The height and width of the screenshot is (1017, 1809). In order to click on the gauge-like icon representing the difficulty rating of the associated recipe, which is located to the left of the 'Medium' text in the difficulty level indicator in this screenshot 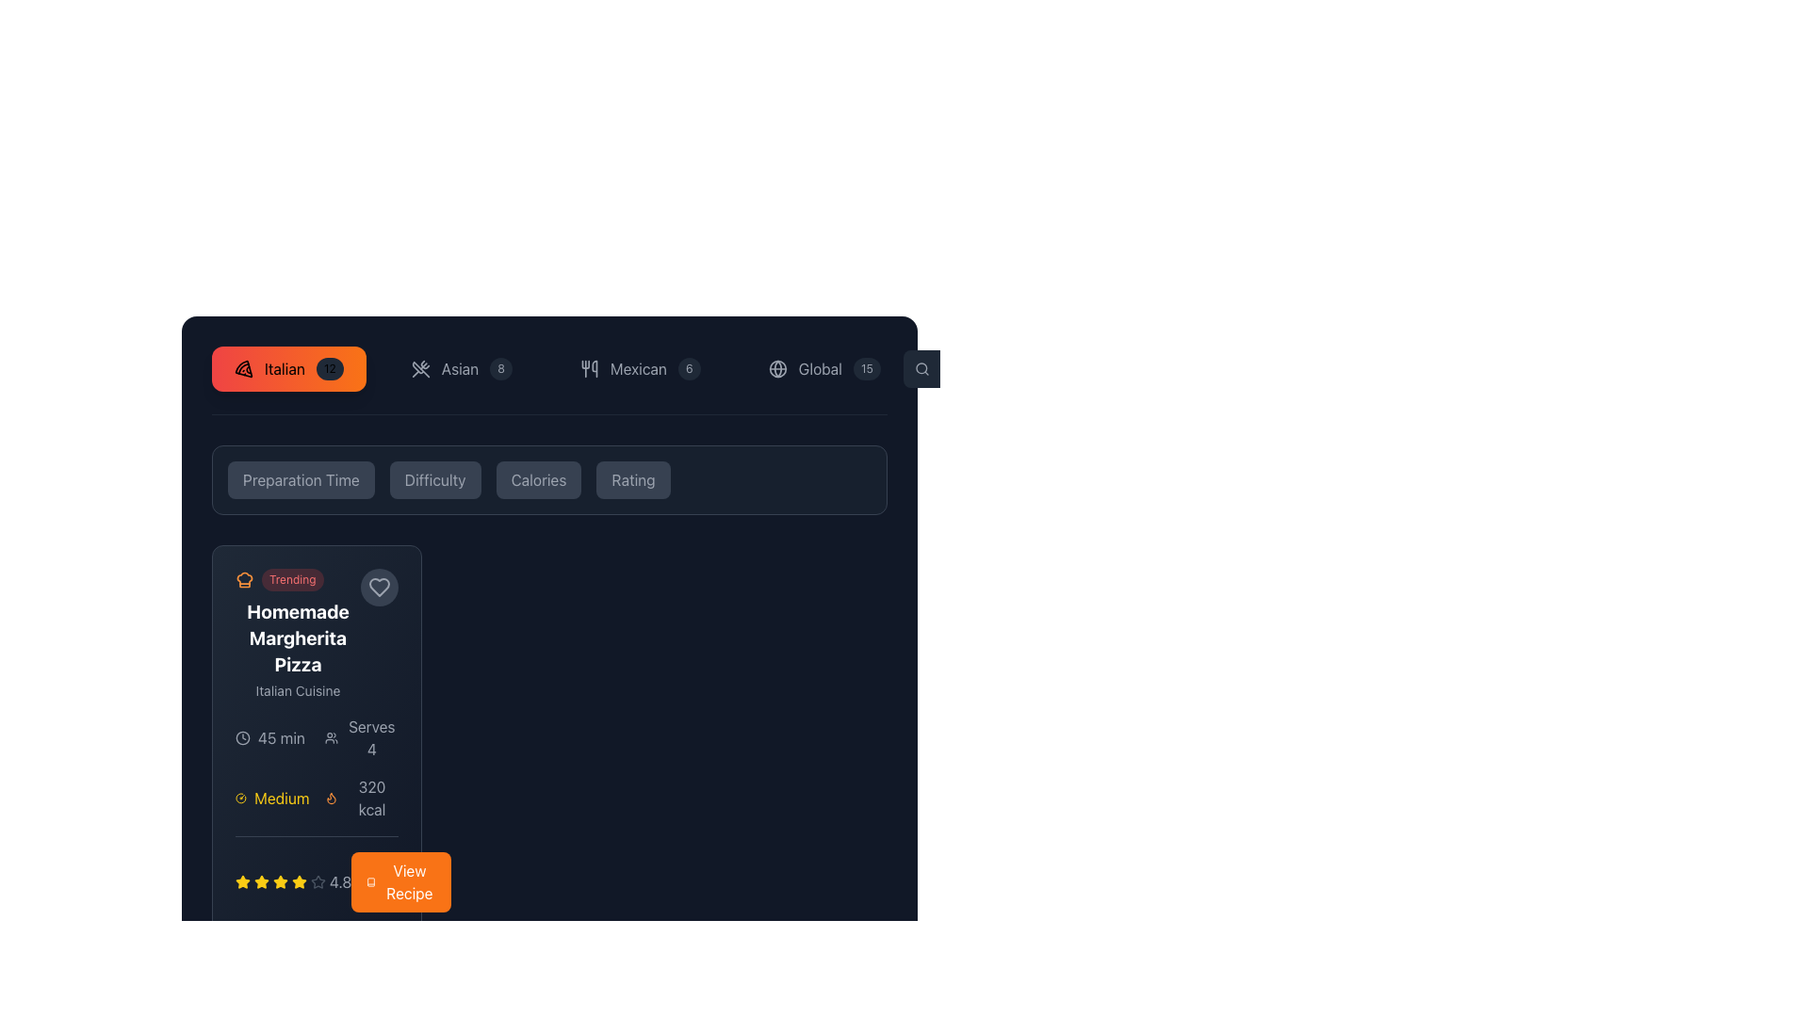, I will do `click(240, 799)`.